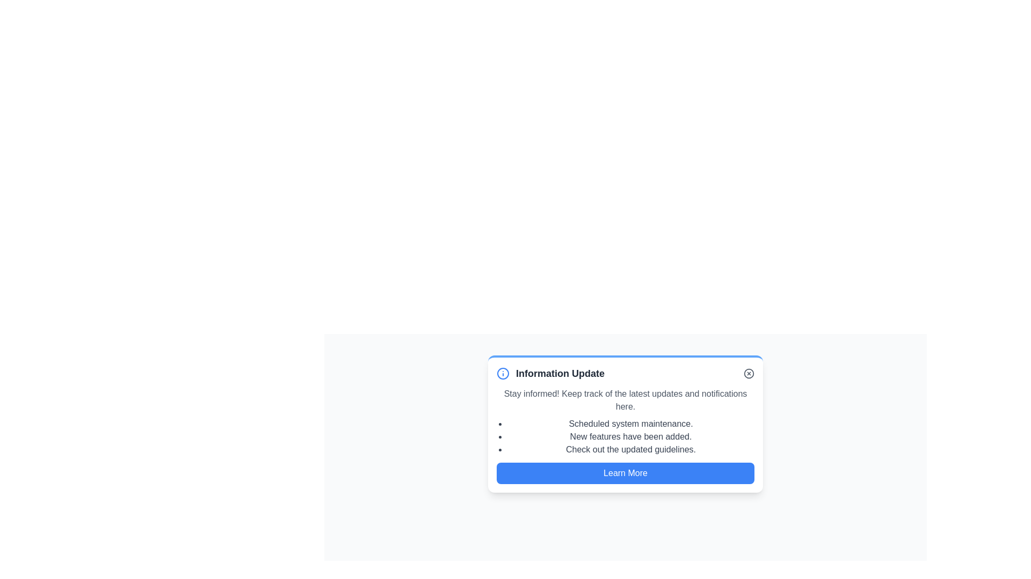  What do you see at coordinates (749, 373) in the screenshot?
I see `the close button in the top-right corner of the alert to dismiss it` at bounding box center [749, 373].